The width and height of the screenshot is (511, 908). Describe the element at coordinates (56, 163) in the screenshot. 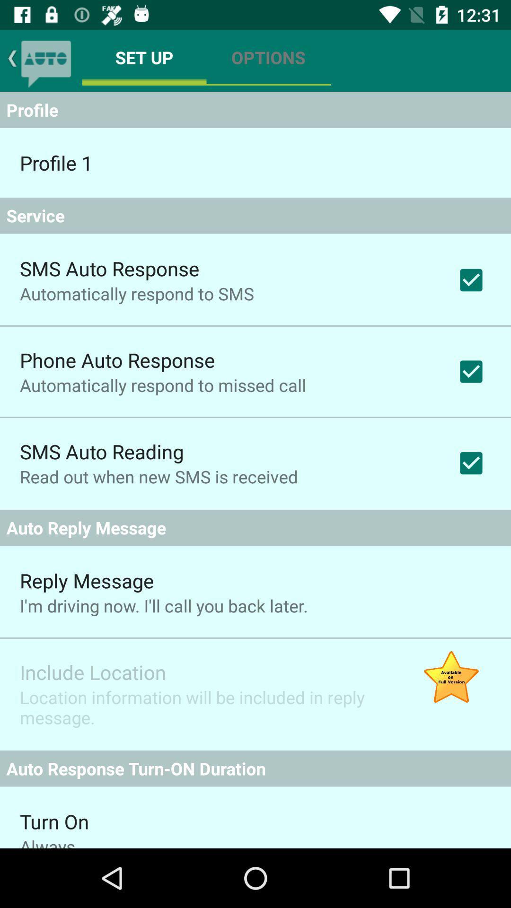

I see `the app below profile app` at that location.